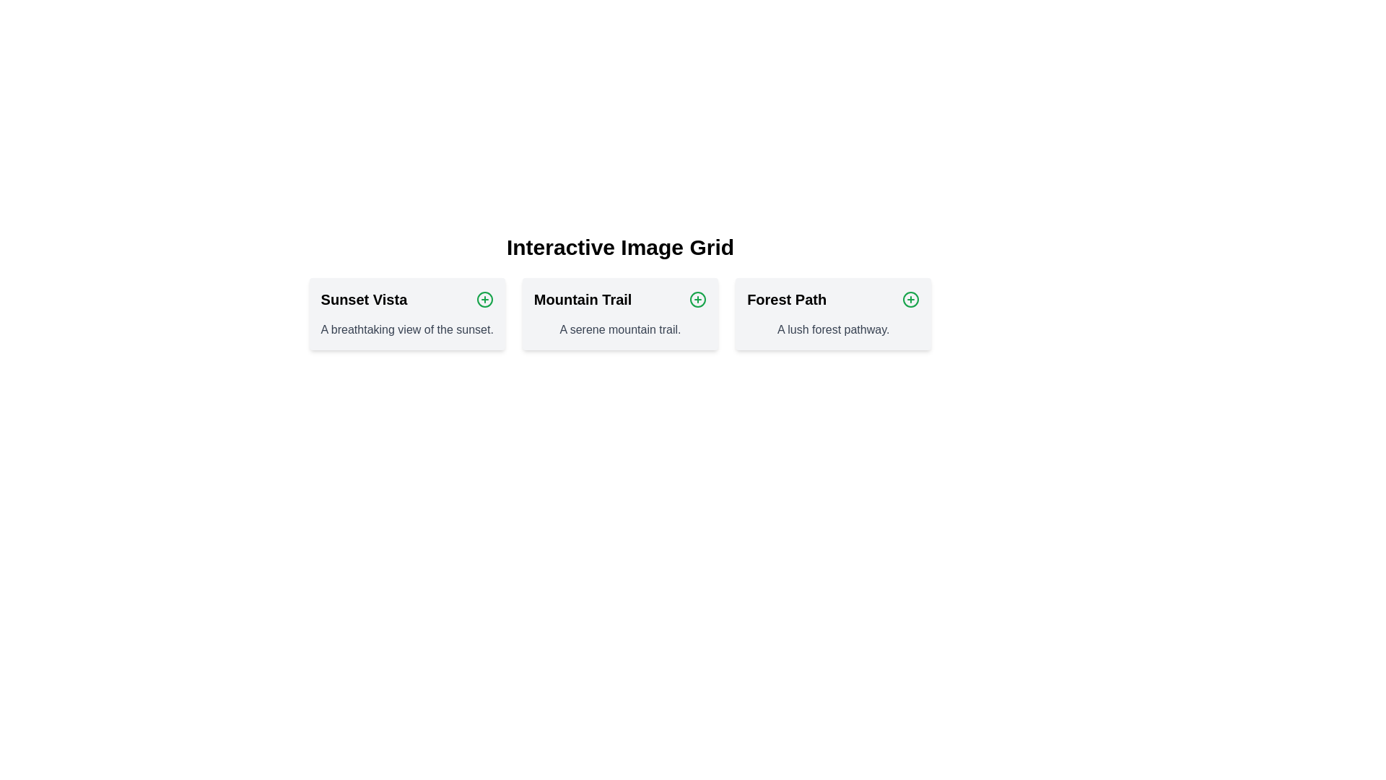 This screenshot has height=780, width=1386. Describe the element at coordinates (620, 329) in the screenshot. I see `text displayed in muted gray color that says 'A serene mountain trail.' located in the bottom section of the 'Mountain Trail' card` at that location.